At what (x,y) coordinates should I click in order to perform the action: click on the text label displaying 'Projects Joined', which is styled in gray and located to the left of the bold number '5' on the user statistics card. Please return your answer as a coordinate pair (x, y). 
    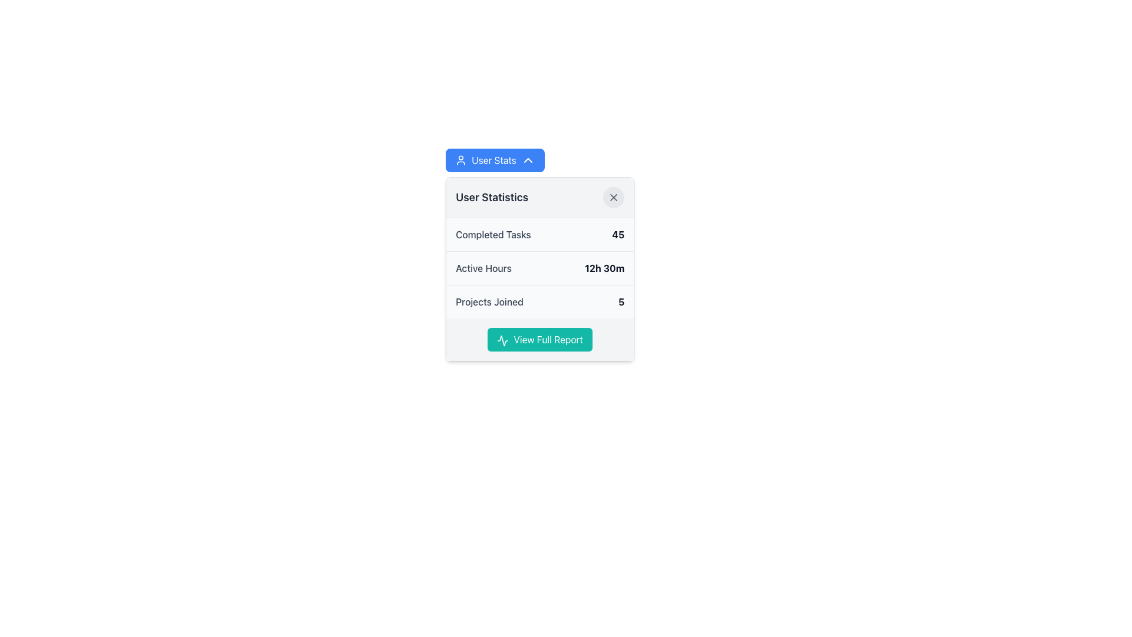
    Looking at the image, I should click on (489, 301).